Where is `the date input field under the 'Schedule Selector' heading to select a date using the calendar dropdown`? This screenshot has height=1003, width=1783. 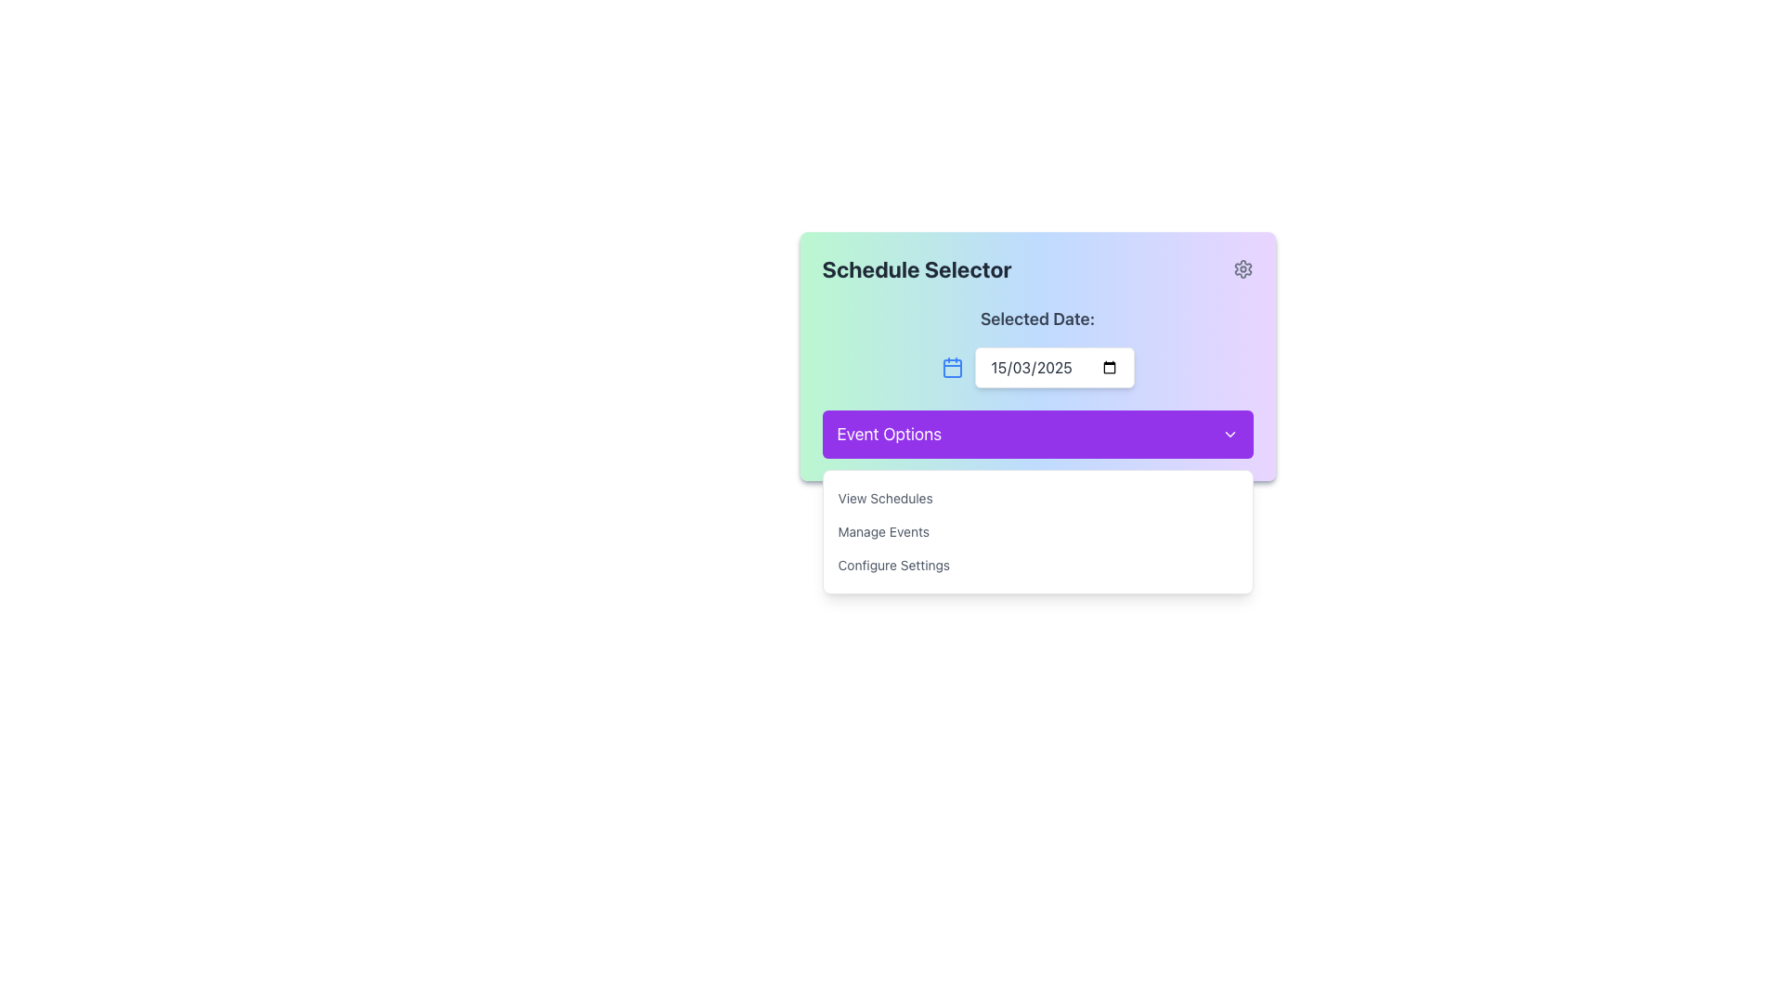 the date input field under the 'Schedule Selector' heading to select a date using the calendar dropdown is located at coordinates (1036, 347).